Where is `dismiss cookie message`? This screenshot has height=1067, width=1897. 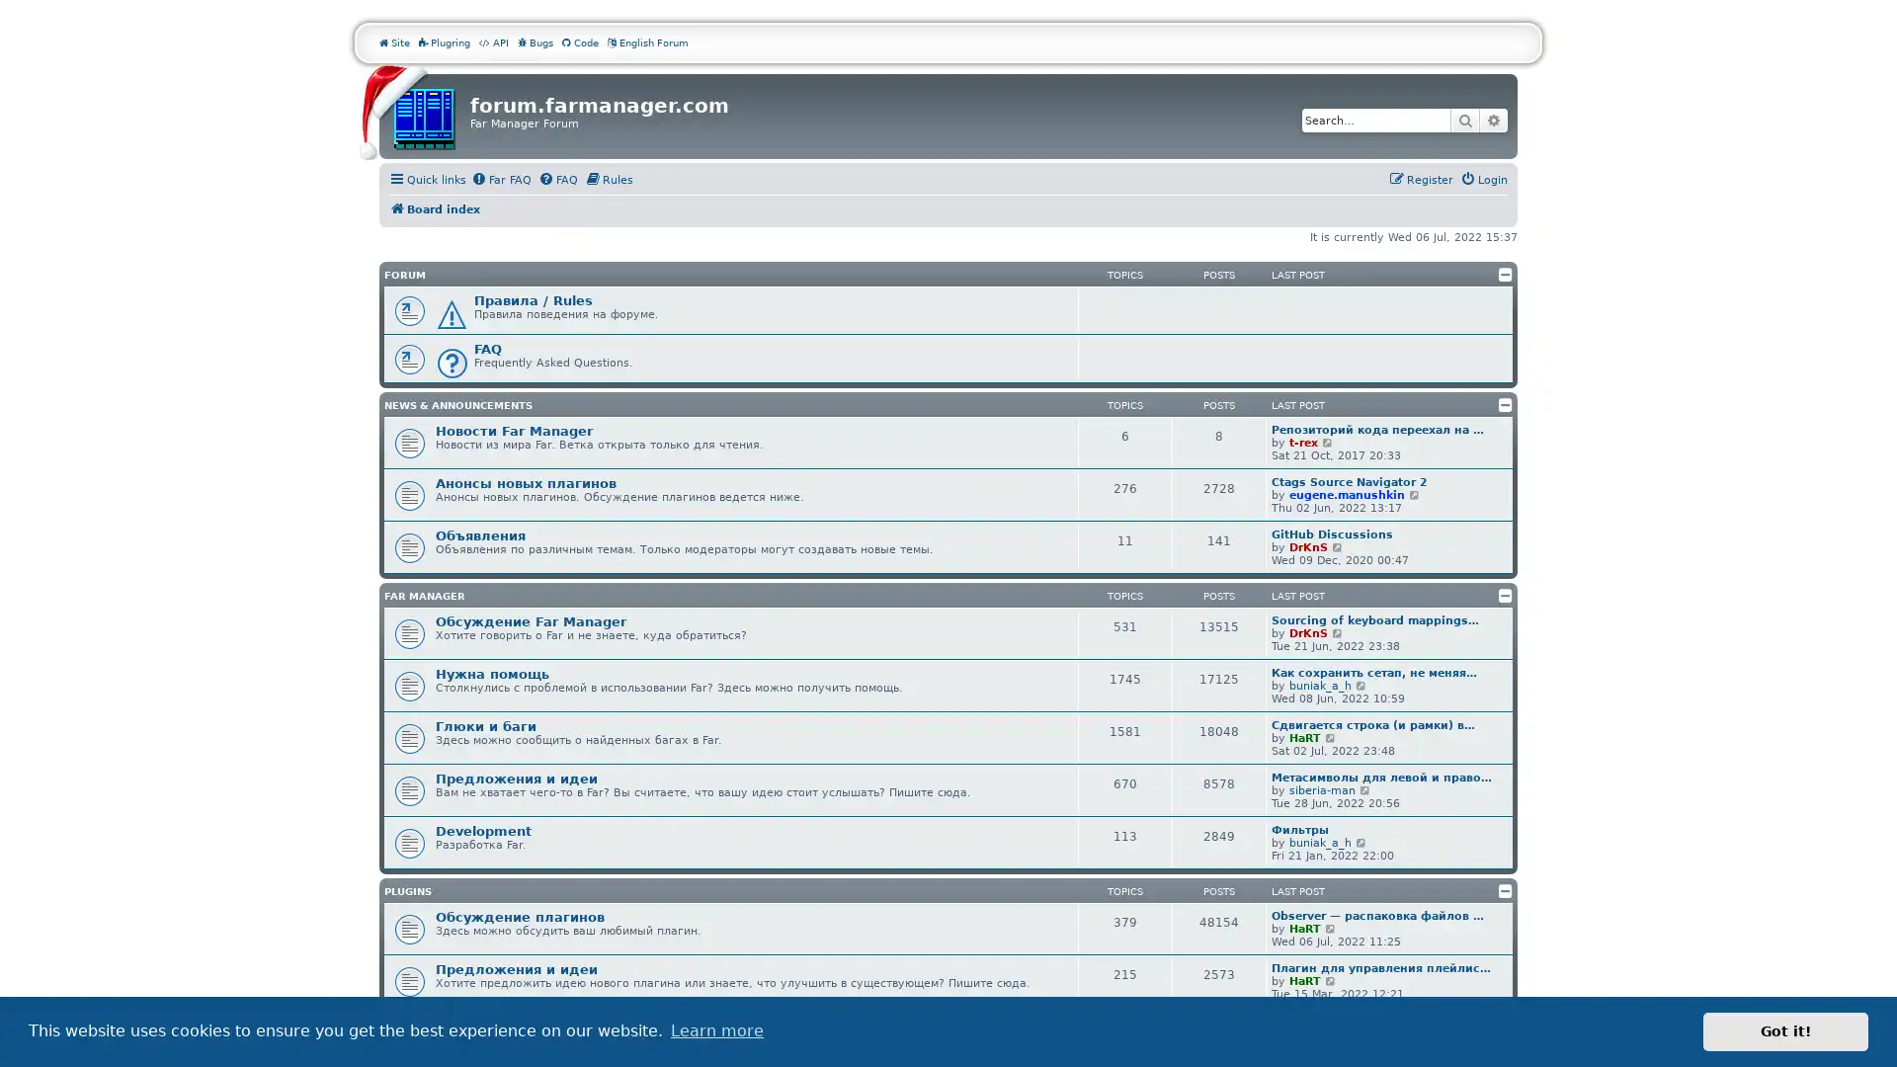 dismiss cookie message is located at coordinates (1785, 1030).